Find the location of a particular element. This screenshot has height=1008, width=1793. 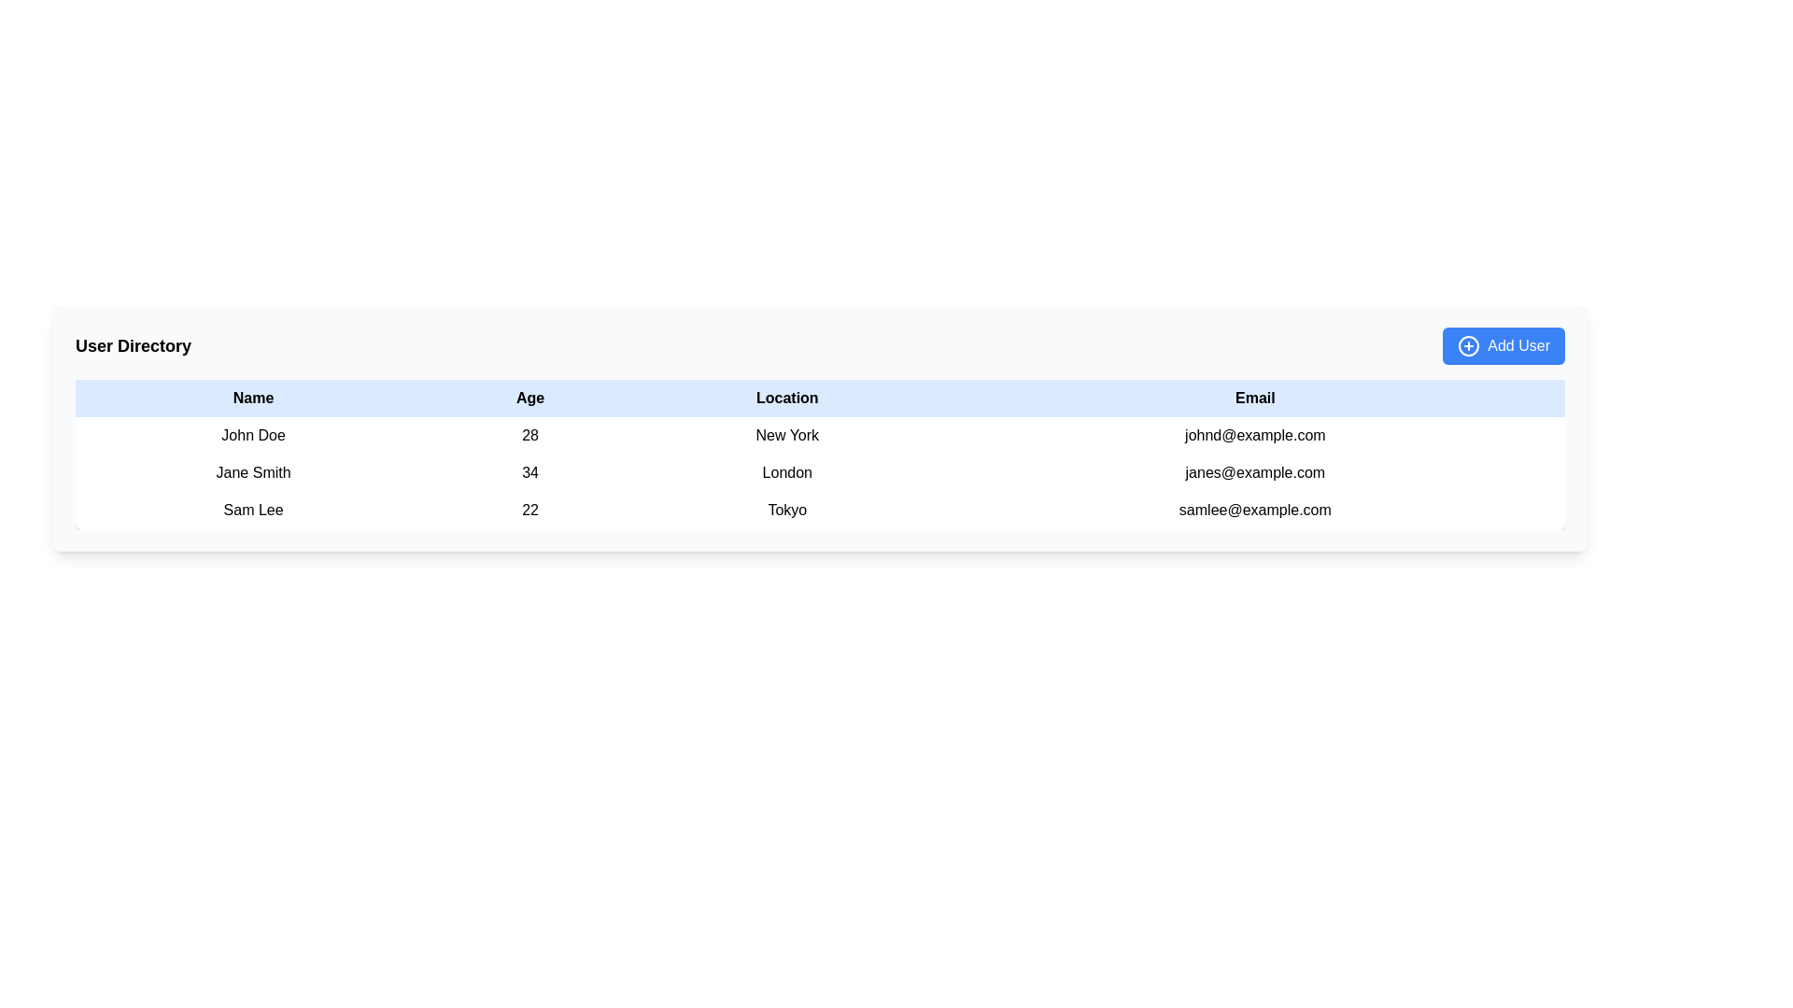

the 'Email' column header in the user information table, which is the fourth header among the siblings ('Name', 'Age', 'Location', 'Email') is located at coordinates (1255, 398).